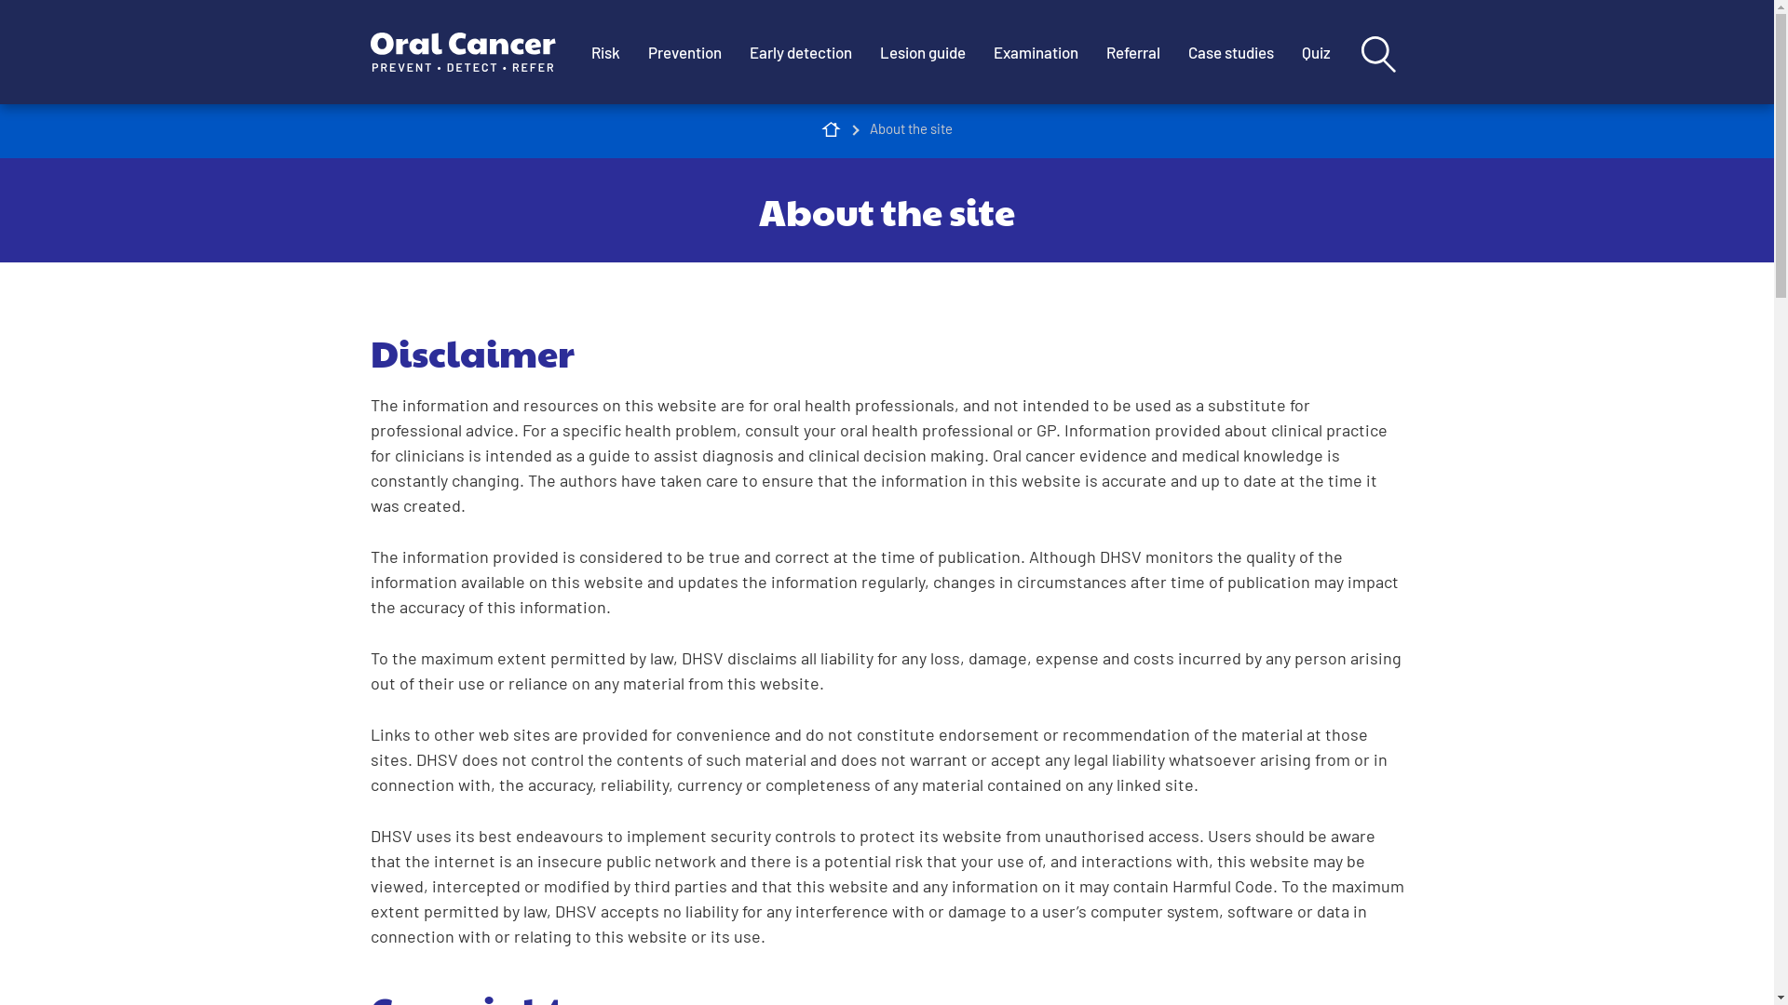 This screenshot has height=1005, width=1788. Describe the element at coordinates (473, 51) in the screenshot. I see `'Home'` at that location.